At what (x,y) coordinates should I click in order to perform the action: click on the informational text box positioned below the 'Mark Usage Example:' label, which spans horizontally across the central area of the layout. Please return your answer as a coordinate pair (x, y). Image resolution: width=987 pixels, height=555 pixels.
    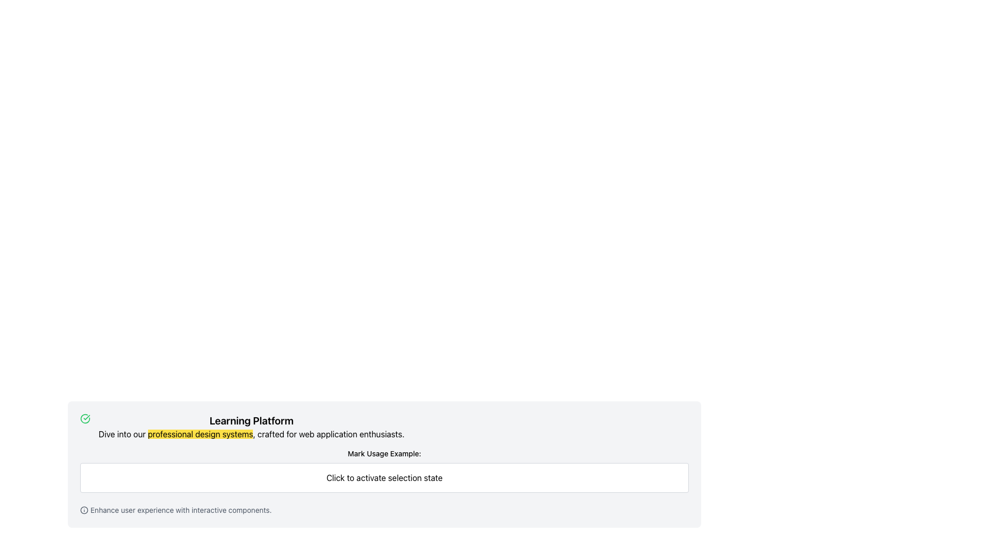
    Looking at the image, I should click on (384, 477).